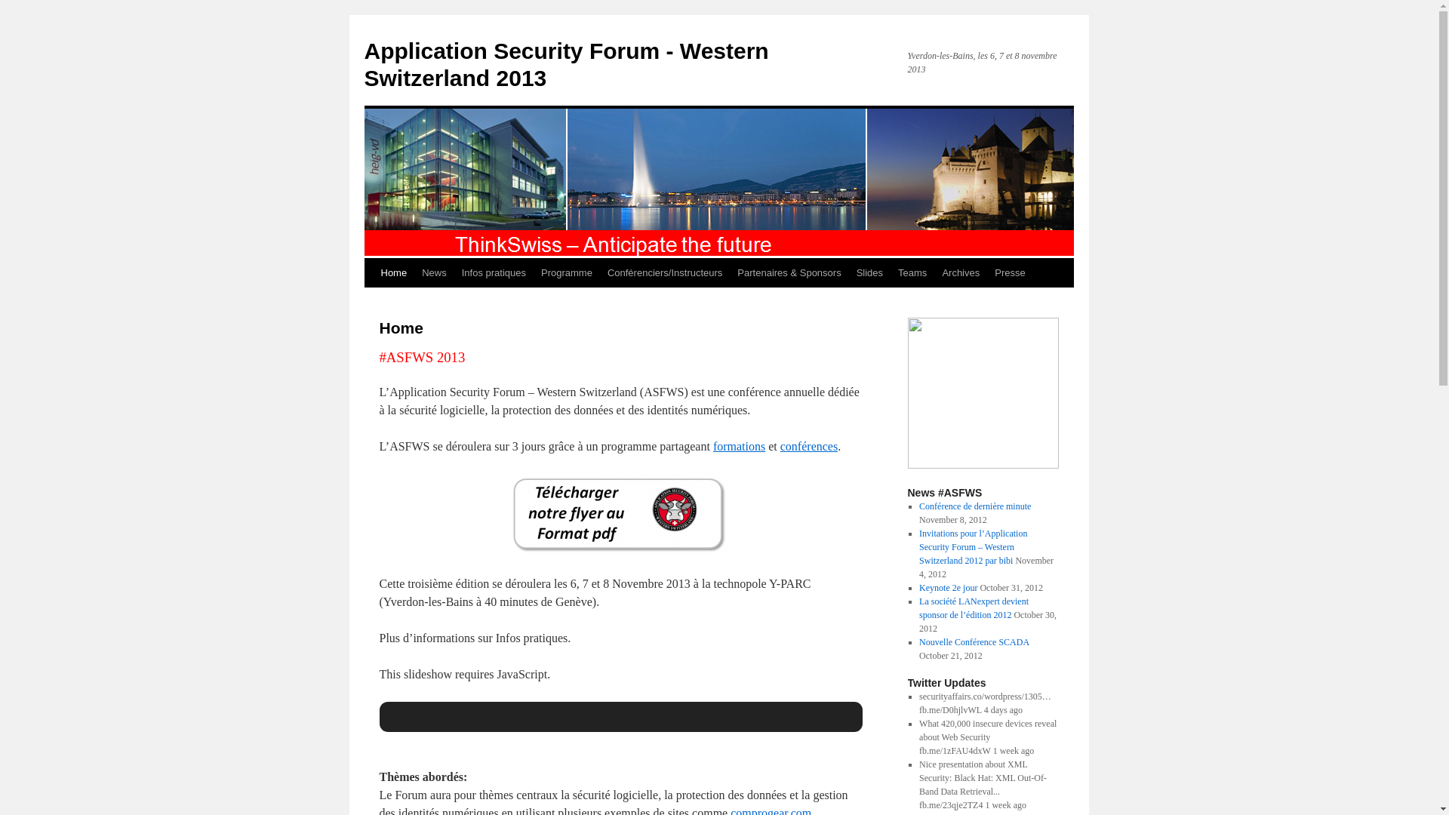  I want to click on 'Keynote 2e jour', so click(947, 587).